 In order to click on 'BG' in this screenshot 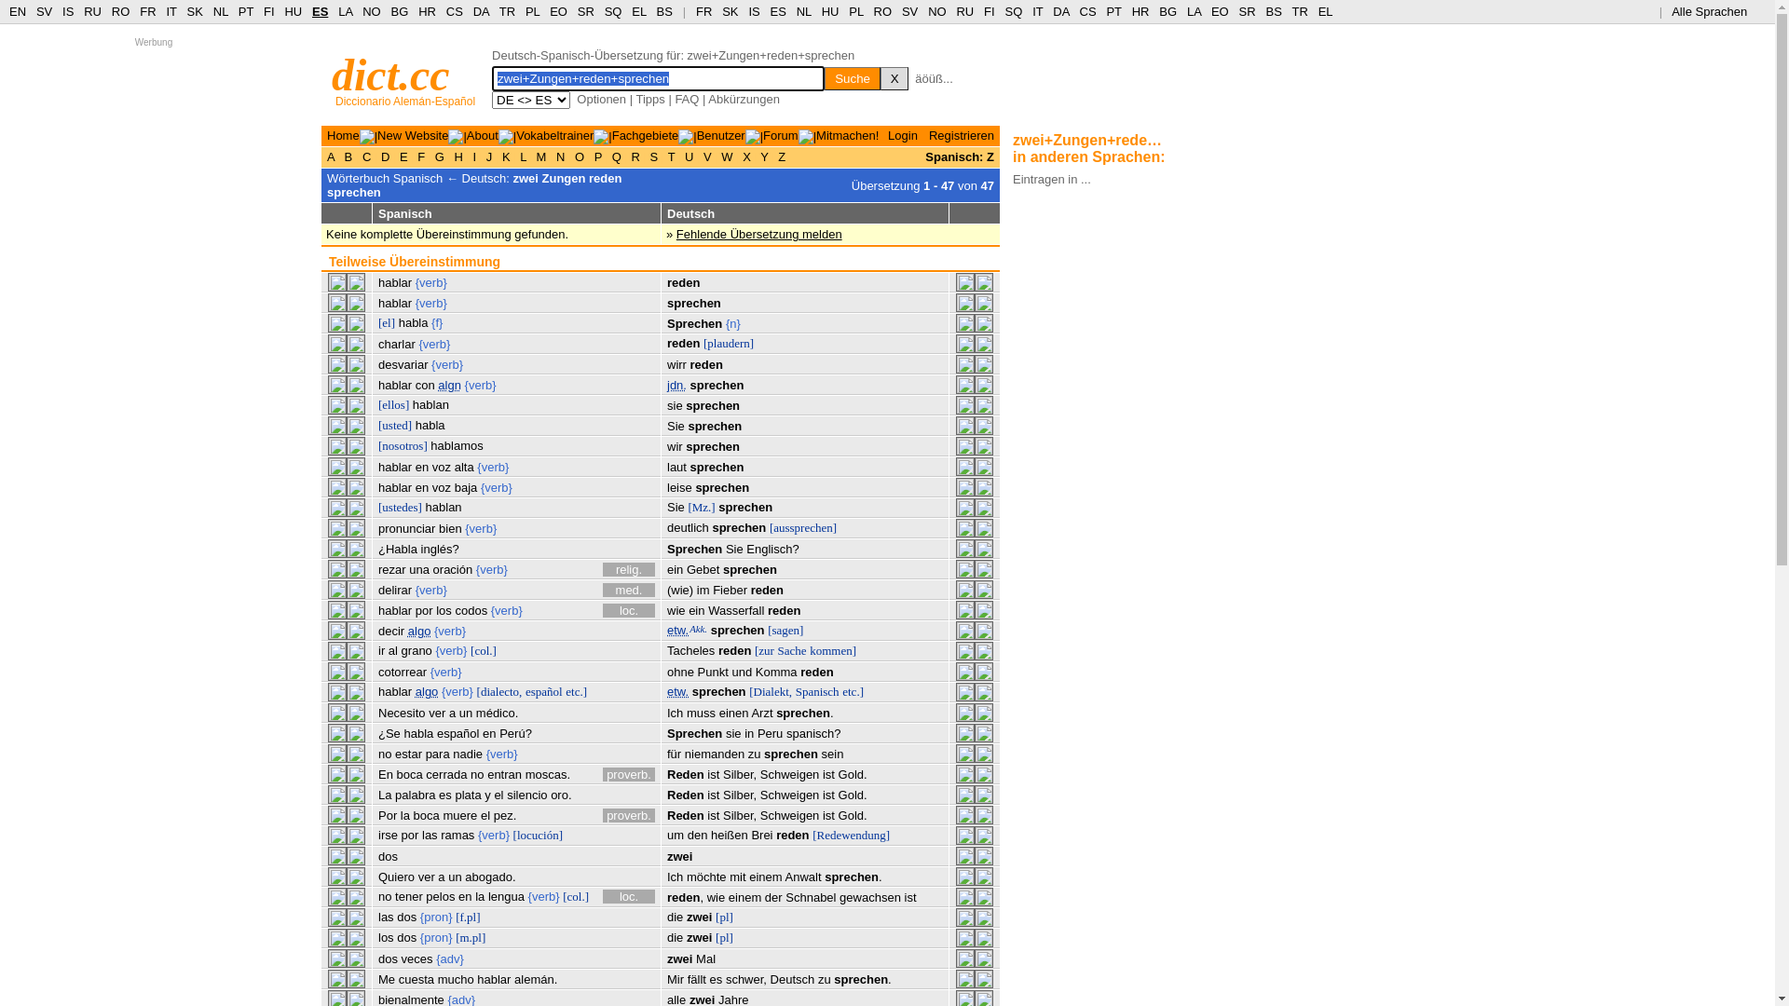, I will do `click(1167, 11)`.